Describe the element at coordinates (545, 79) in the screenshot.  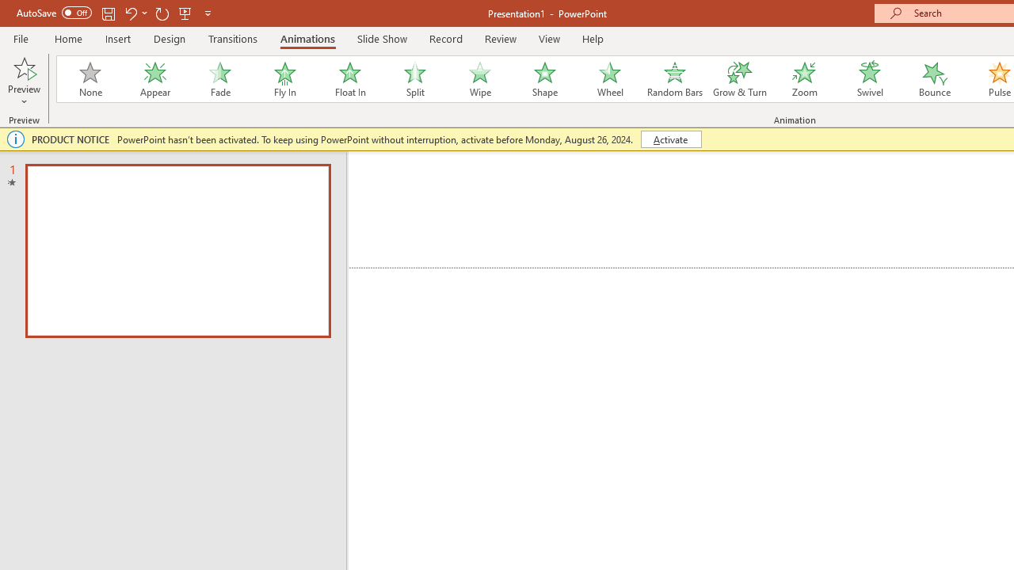
I see `'Shape'` at that location.